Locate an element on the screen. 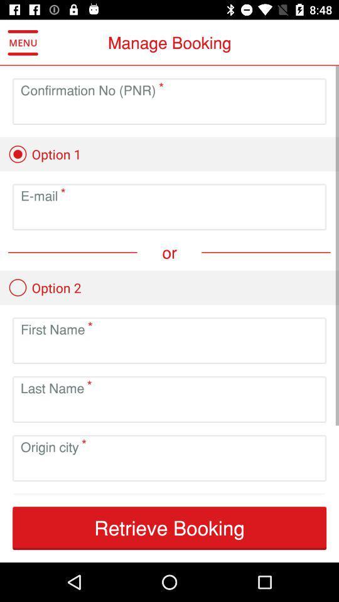 Image resolution: width=339 pixels, height=602 pixels. icon above e-mail is located at coordinates (44, 154).